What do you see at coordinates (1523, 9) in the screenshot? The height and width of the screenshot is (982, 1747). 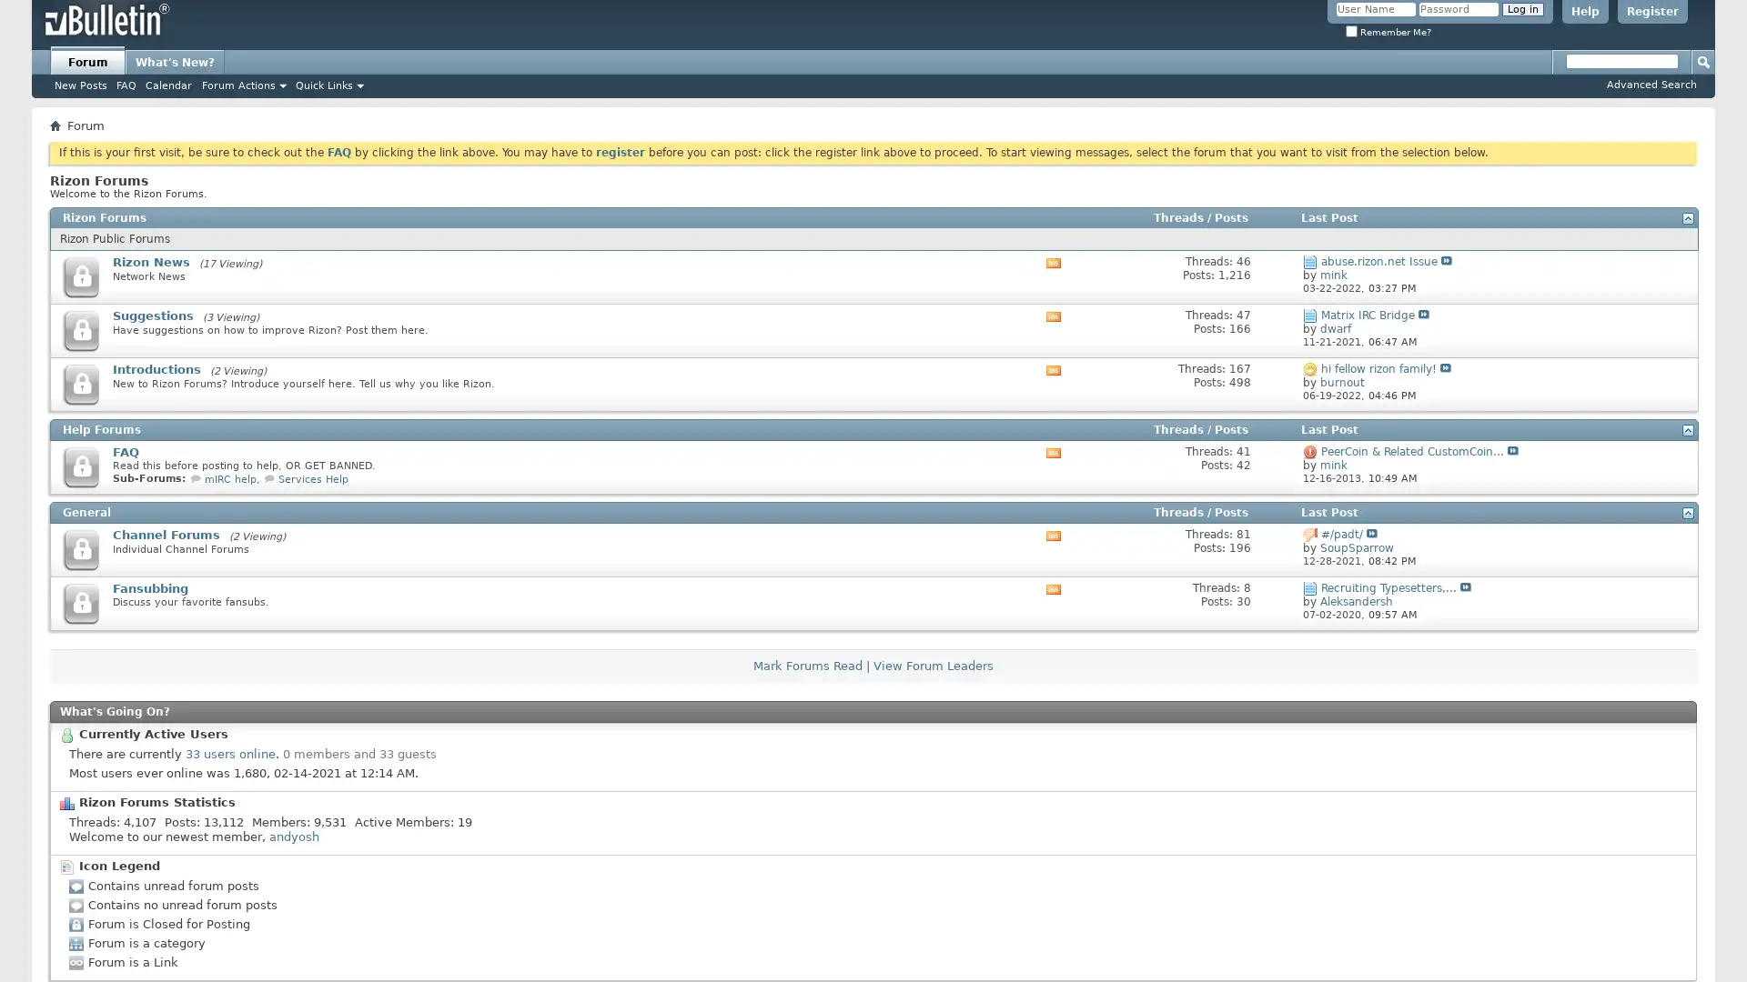 I see `Log in` at bounding box center [1523, 9].